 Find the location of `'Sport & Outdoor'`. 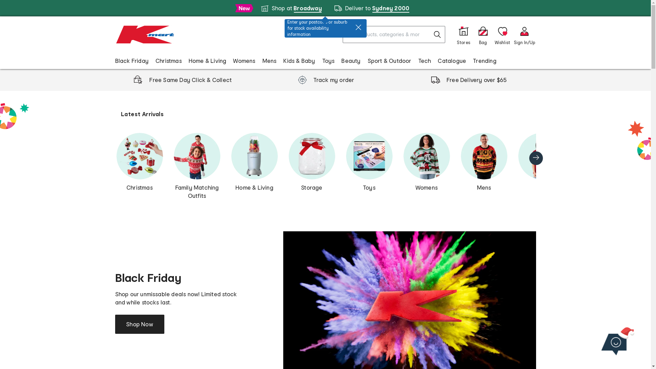

'Sport & Outdoor' is located at coordinates (389, 60).